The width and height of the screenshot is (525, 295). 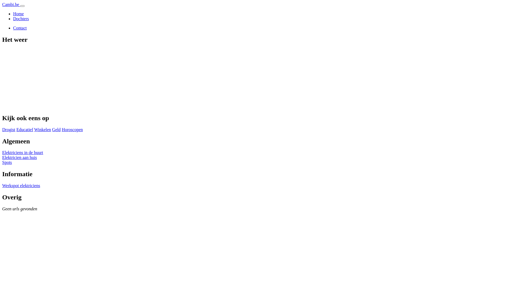 What do you see at coordinates (72, 129) in the screenshot?
I see `'Horoscopen'` at bounding box center [72, 129].